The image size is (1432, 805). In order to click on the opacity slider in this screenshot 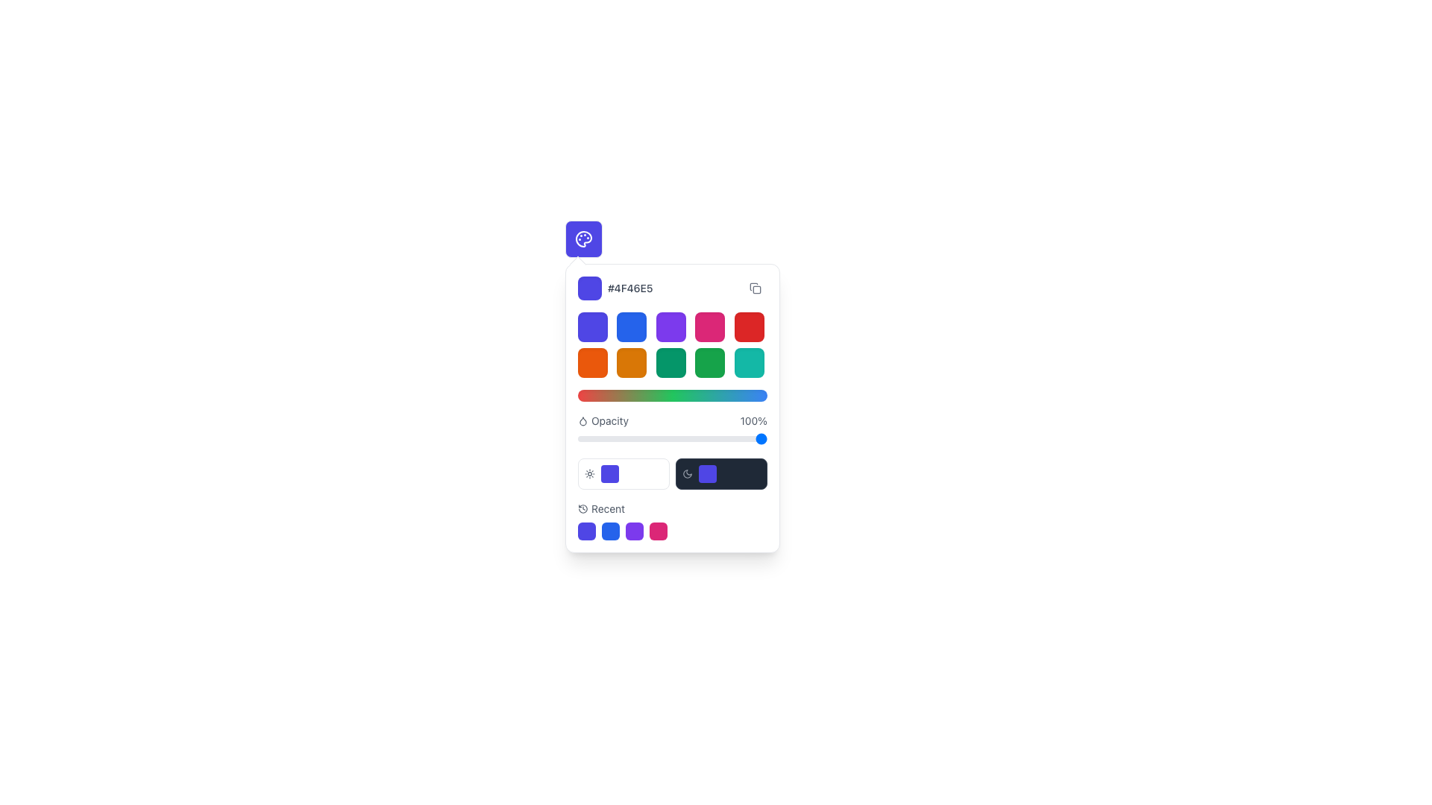, I will do `click(720, 438)`.